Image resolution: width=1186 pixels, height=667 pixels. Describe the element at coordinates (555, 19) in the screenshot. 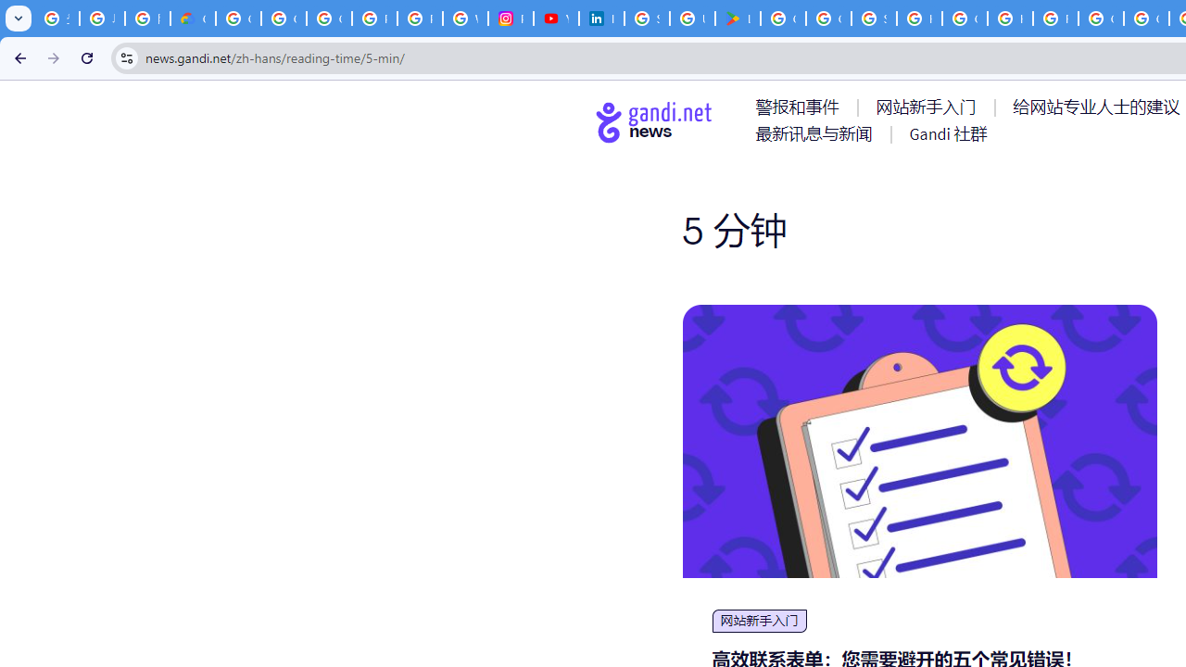

I see `'YouTube Culture & Trends - On The Rise: Handcam Videos'` at that location.